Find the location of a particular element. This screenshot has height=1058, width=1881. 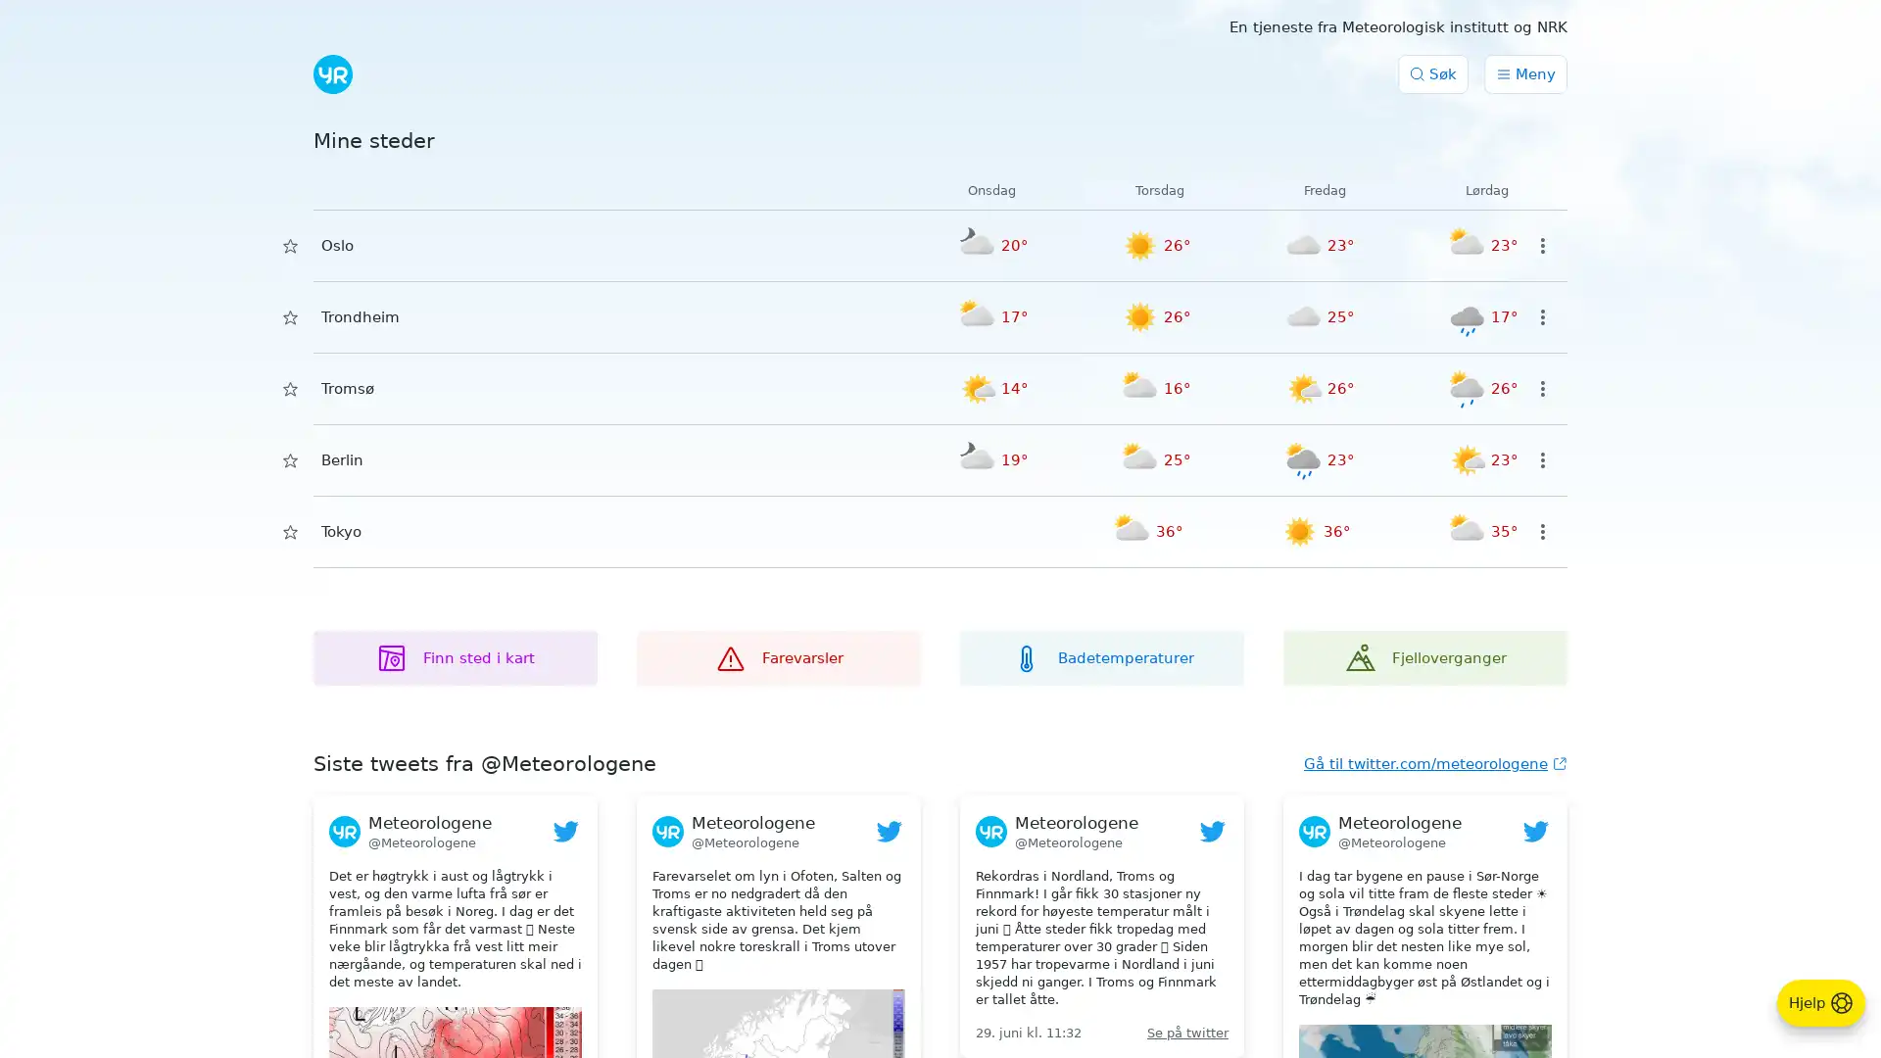

Valg for sted is located at coordinates (1541, 316).